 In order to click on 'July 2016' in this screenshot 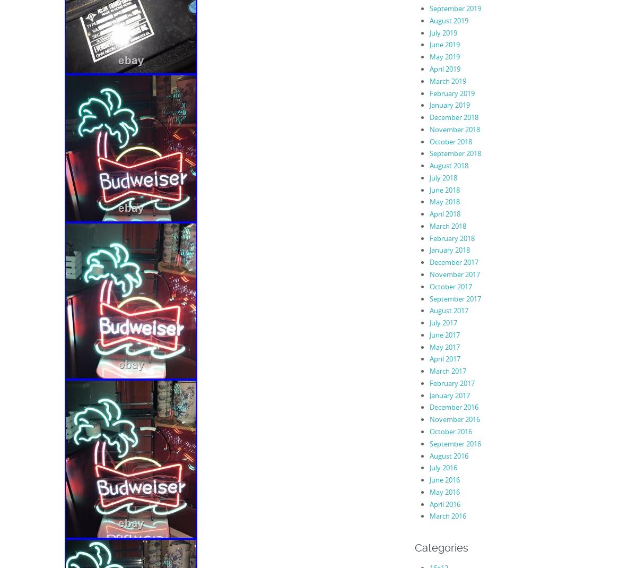, I will do `click(429, 468)`.